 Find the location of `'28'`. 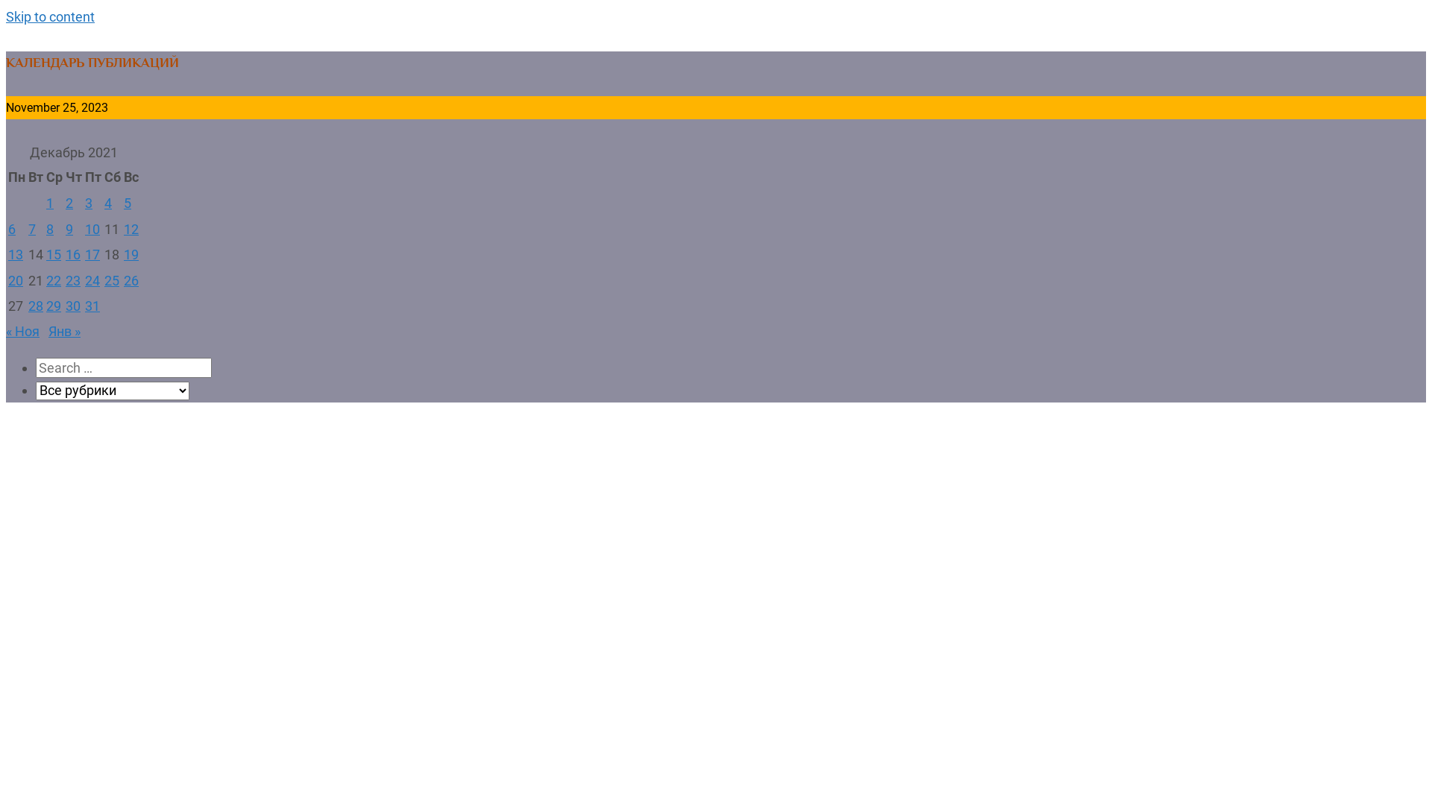

'28' is located at coordinates (36, 305).